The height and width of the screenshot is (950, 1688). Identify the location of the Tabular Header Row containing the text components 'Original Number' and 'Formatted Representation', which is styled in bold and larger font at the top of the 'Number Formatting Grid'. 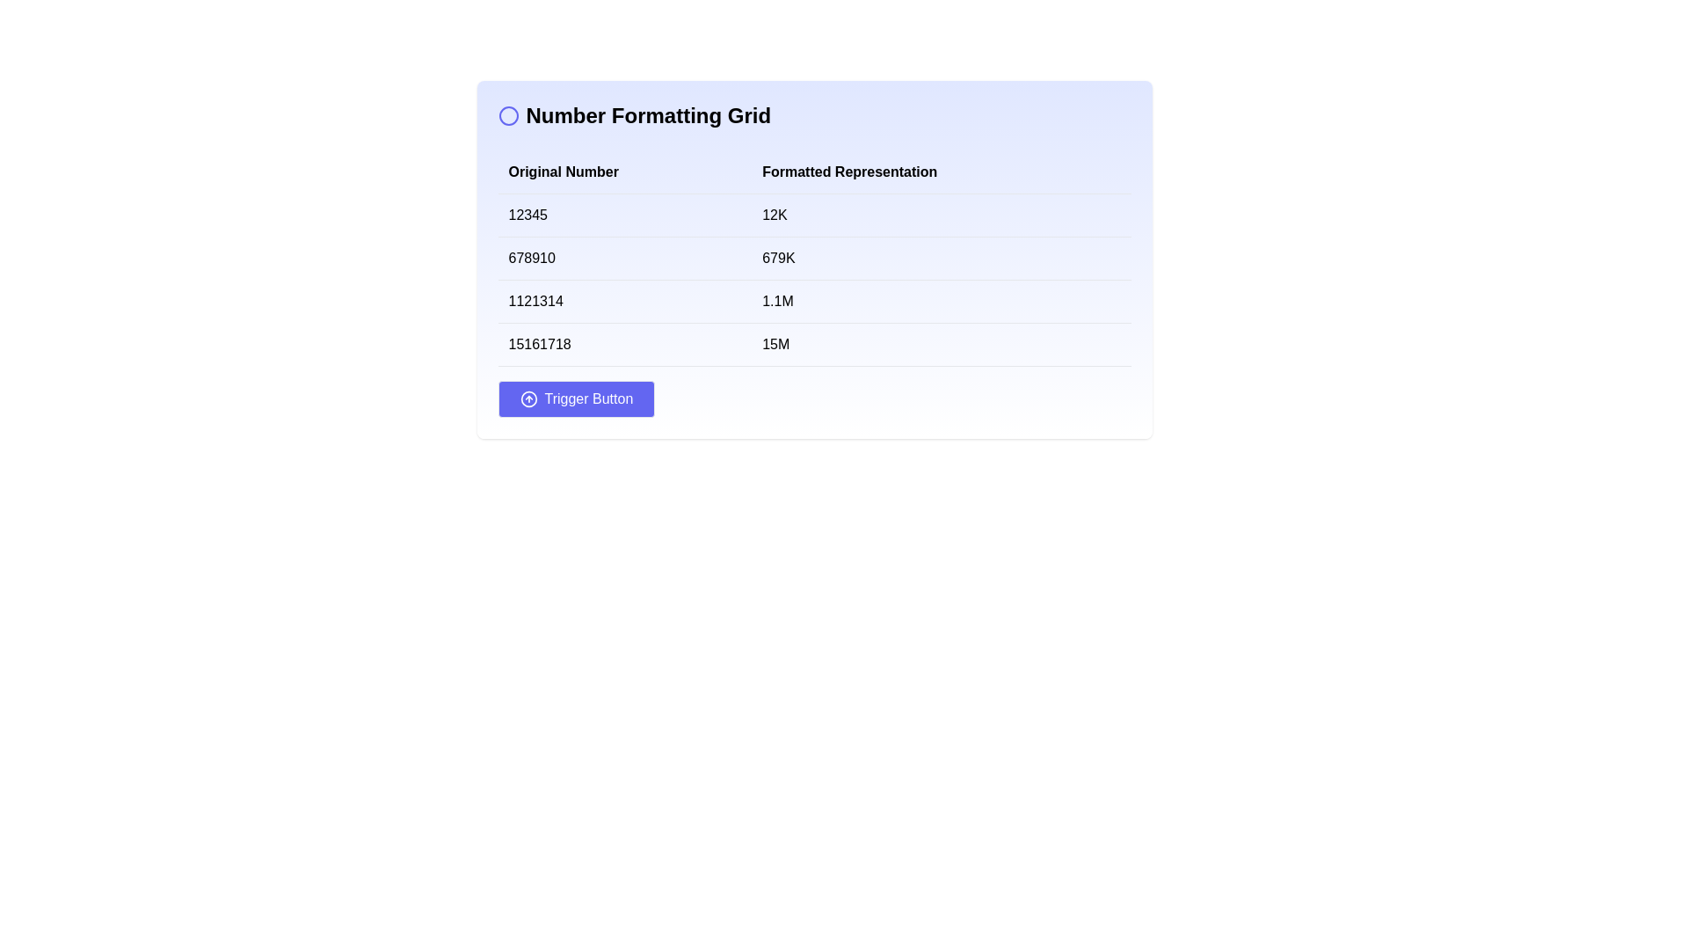
(813, 172).